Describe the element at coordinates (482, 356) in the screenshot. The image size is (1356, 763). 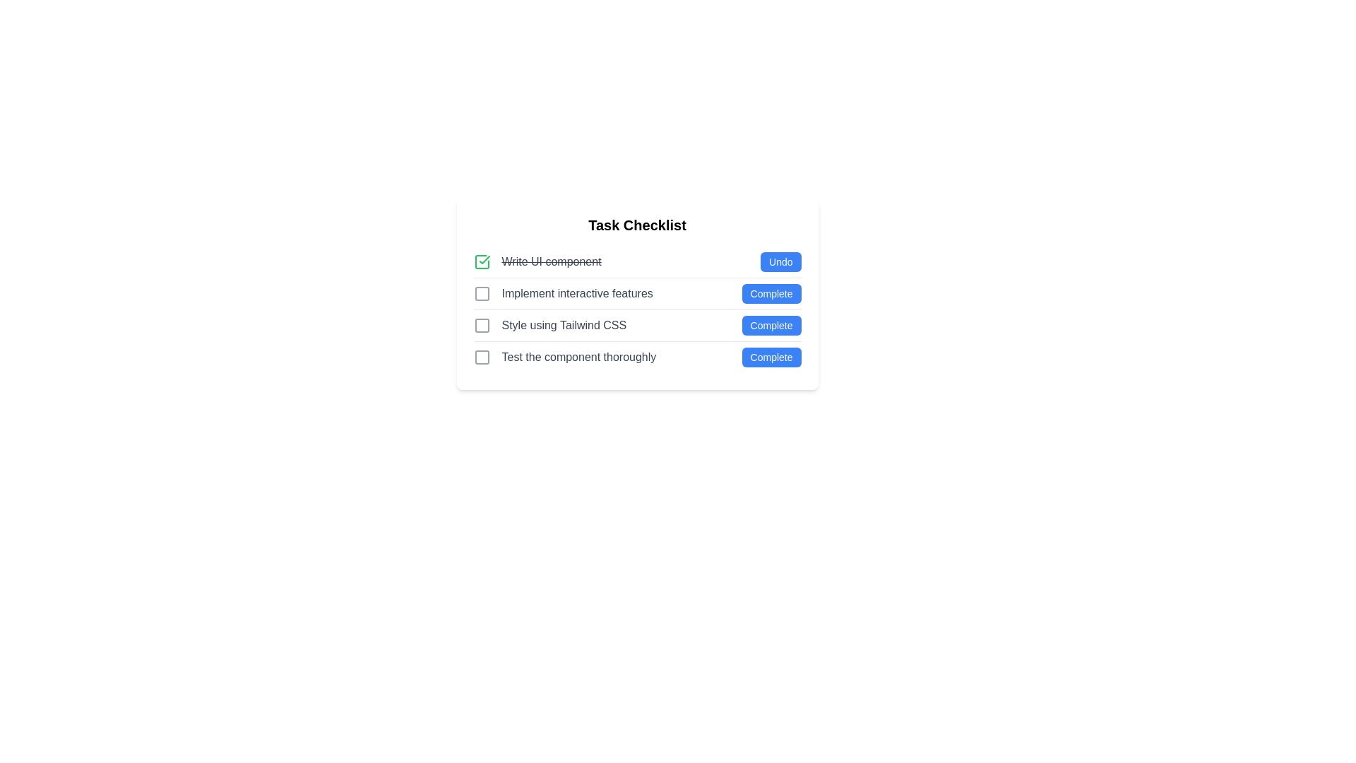
I see `the unselected checkbox element located next to the text 'Test the component thoroughly' in the checklist` at that location.